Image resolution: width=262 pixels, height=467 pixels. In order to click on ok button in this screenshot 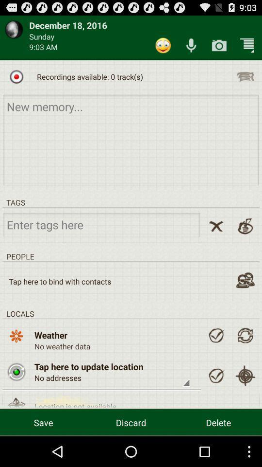, I will do `click(216, 375)`.